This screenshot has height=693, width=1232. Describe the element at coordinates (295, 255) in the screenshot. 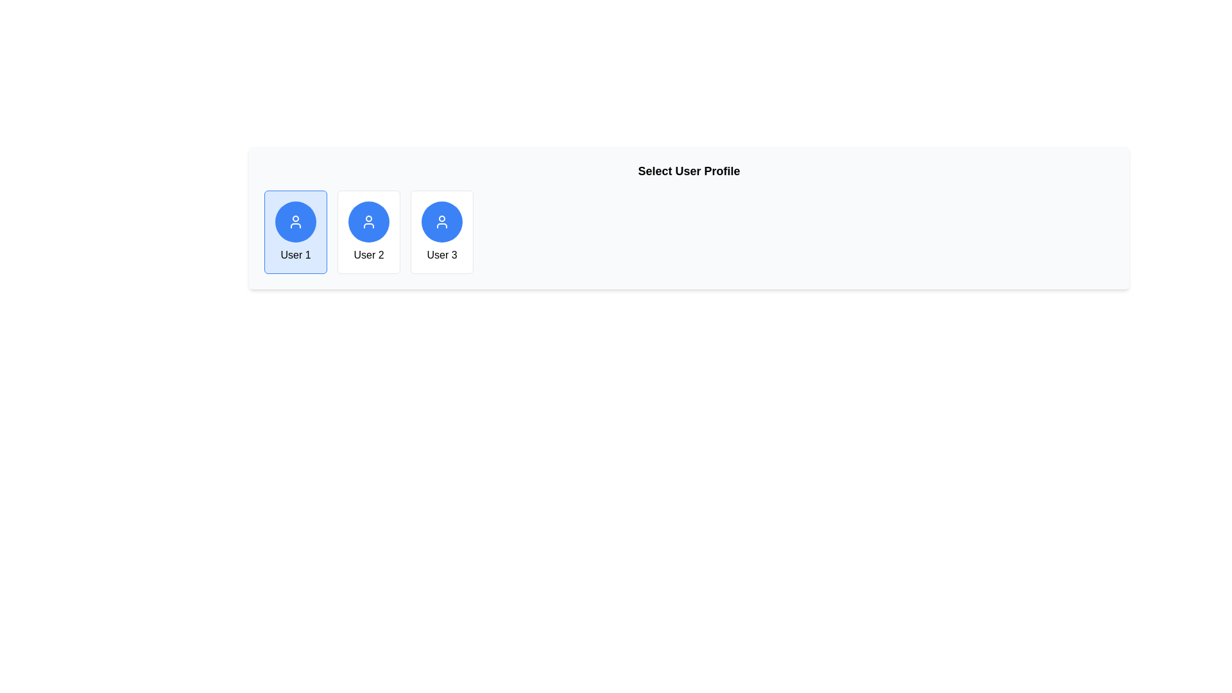

I see `text label 'User 1' located beneath the circular user icon in the first card among three similar cards` at that location.